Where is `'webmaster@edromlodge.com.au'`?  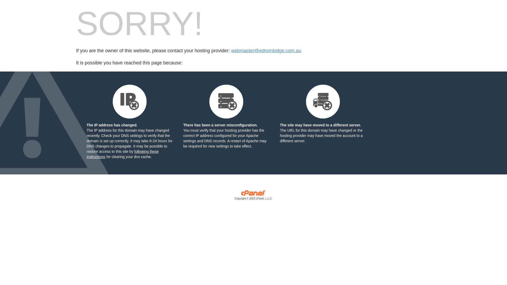
'webmaster@edromlodge.com.au' is located at coordinates (266, 51).